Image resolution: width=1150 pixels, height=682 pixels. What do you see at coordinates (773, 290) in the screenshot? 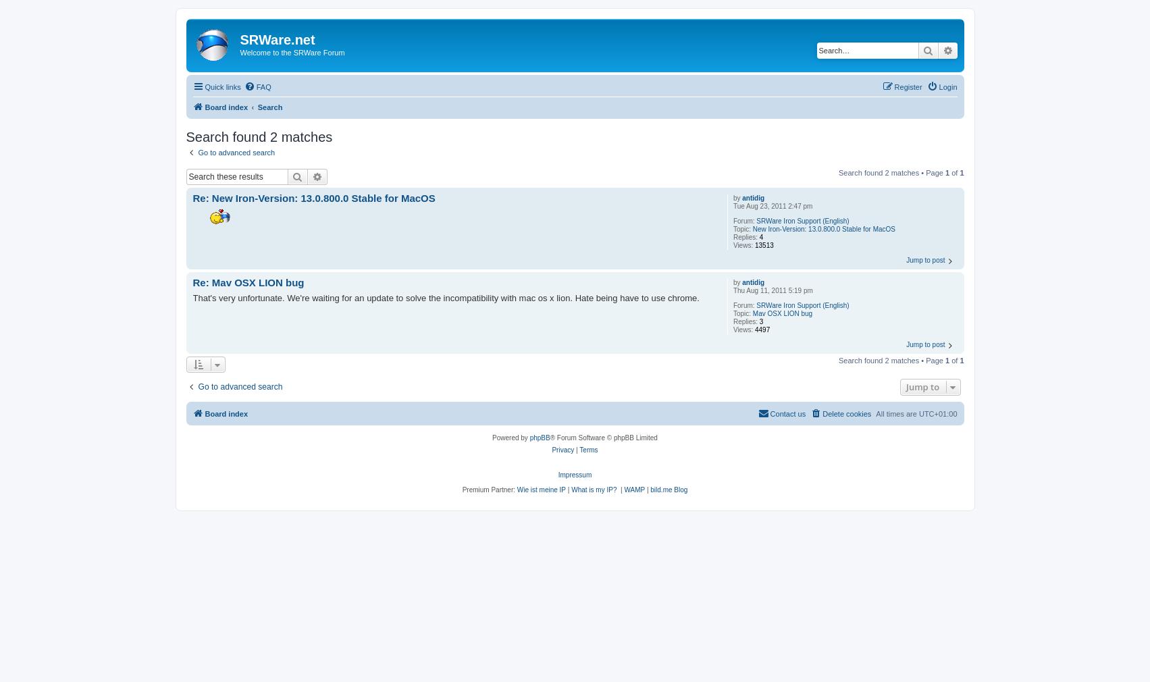
I see `'Thu Aug 11, 2011 5:19 pm'` at bounding box center [773, 290].